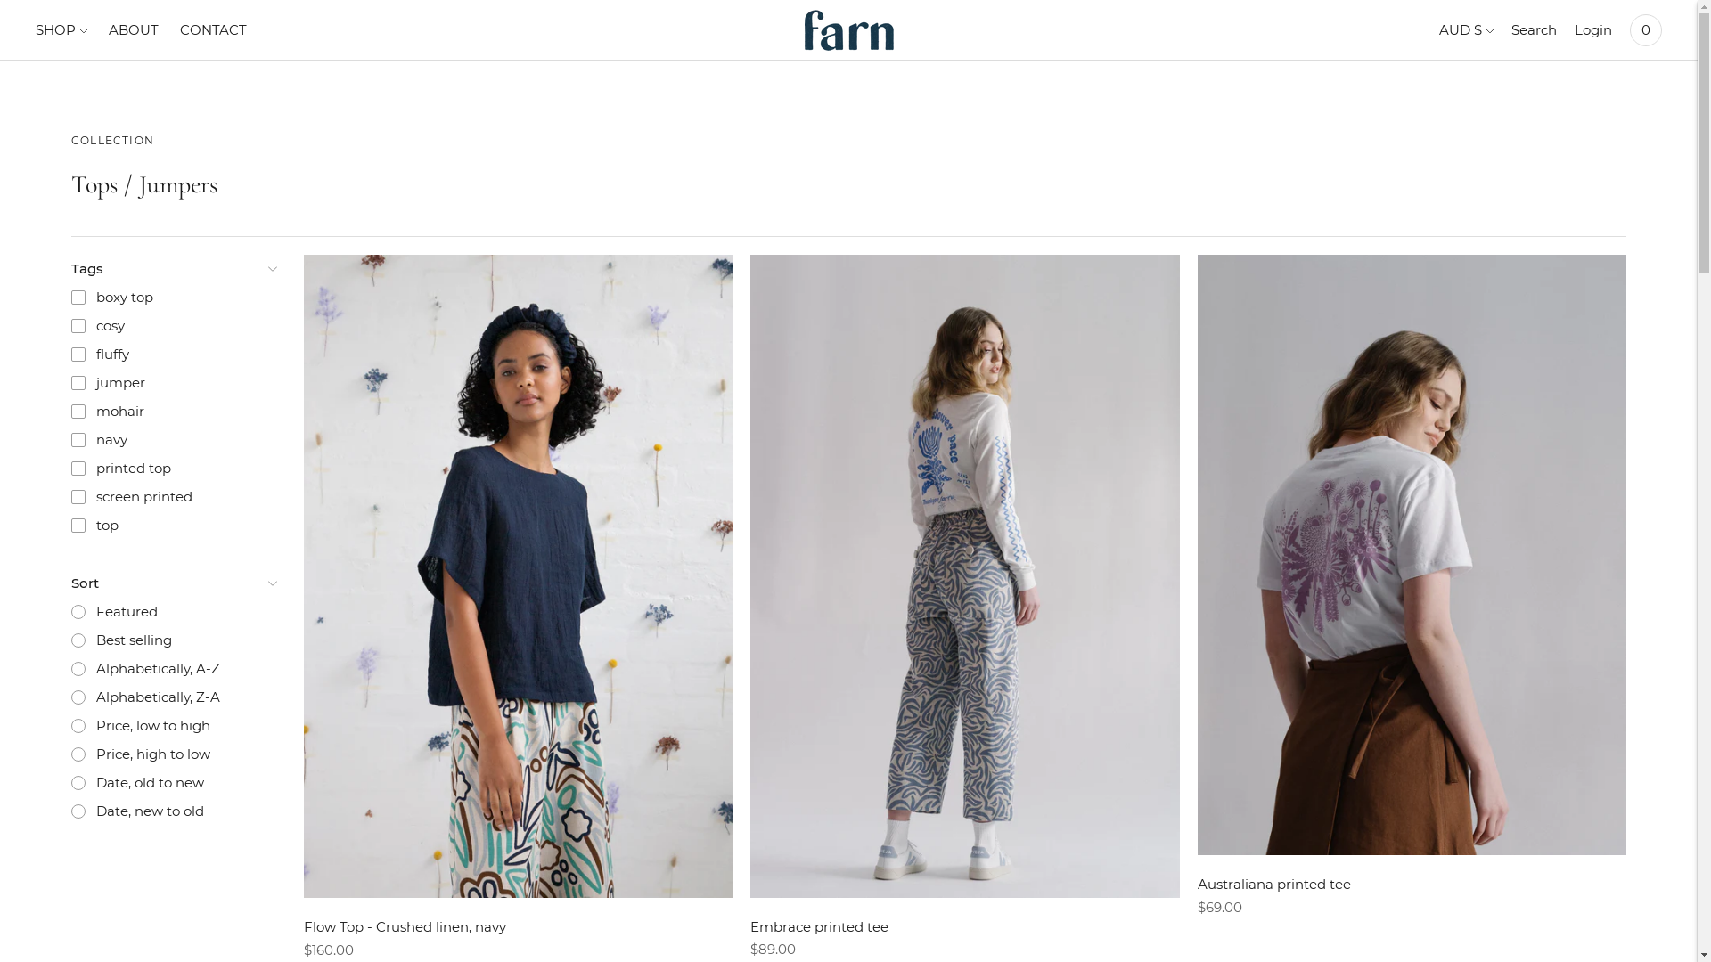  Describe the element at coordinates (173, 669) in the screenshot. I see `'Alphabetically, A-Z'` at that location.